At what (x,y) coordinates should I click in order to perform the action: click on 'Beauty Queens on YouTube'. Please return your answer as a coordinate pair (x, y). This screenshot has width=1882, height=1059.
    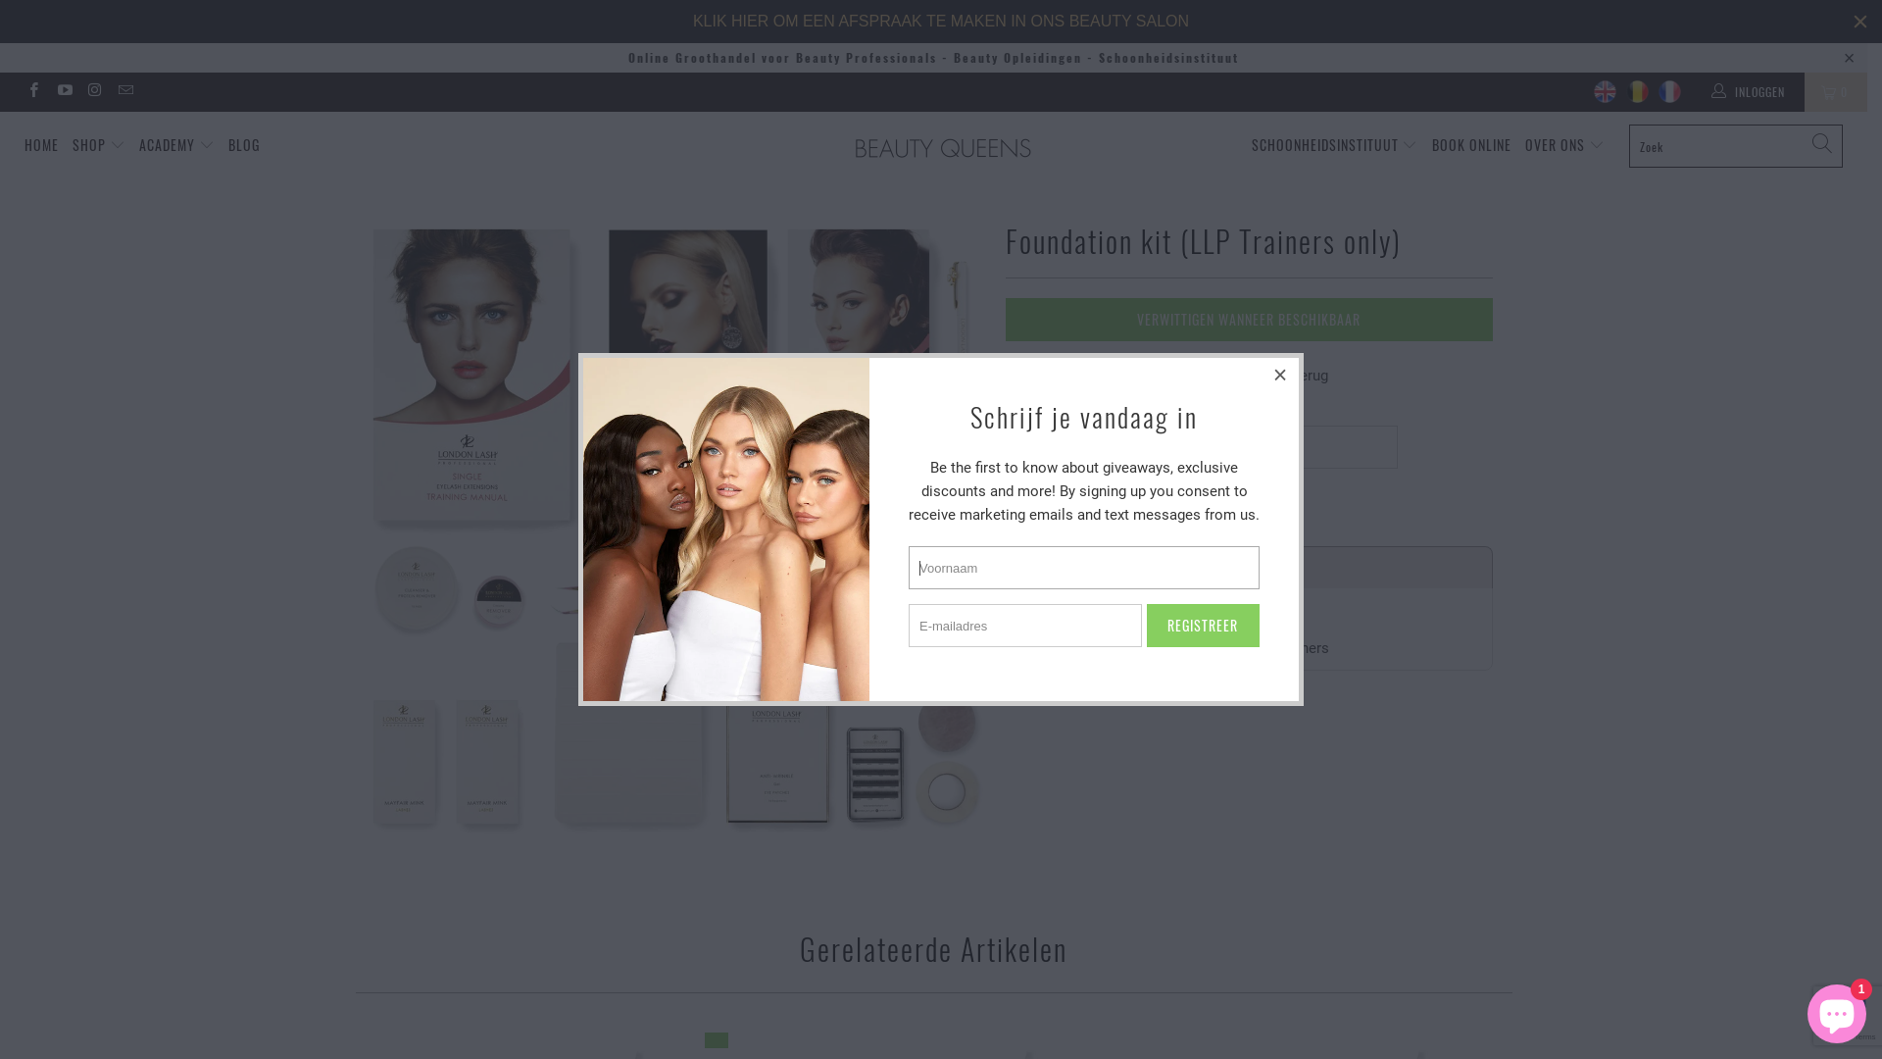
    Looking at the image, I should click on (63, 91).